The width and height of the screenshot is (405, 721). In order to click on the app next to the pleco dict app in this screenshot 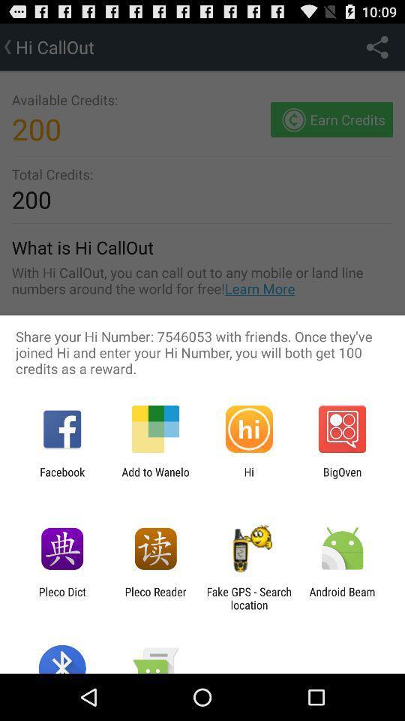, I will do `click(154, 598)`.